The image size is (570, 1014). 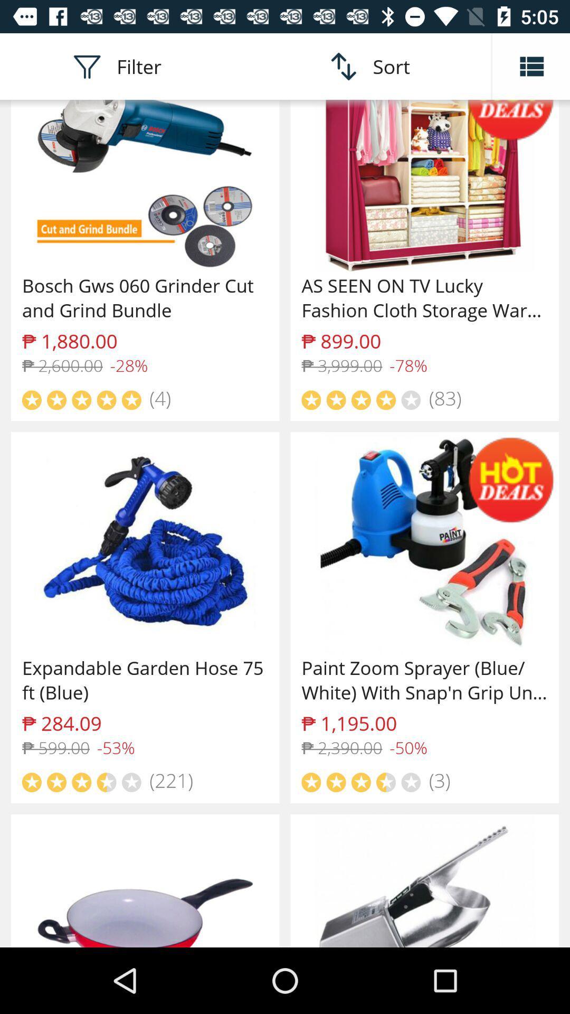 I want to click on menu options, so click(x=531, y=65).